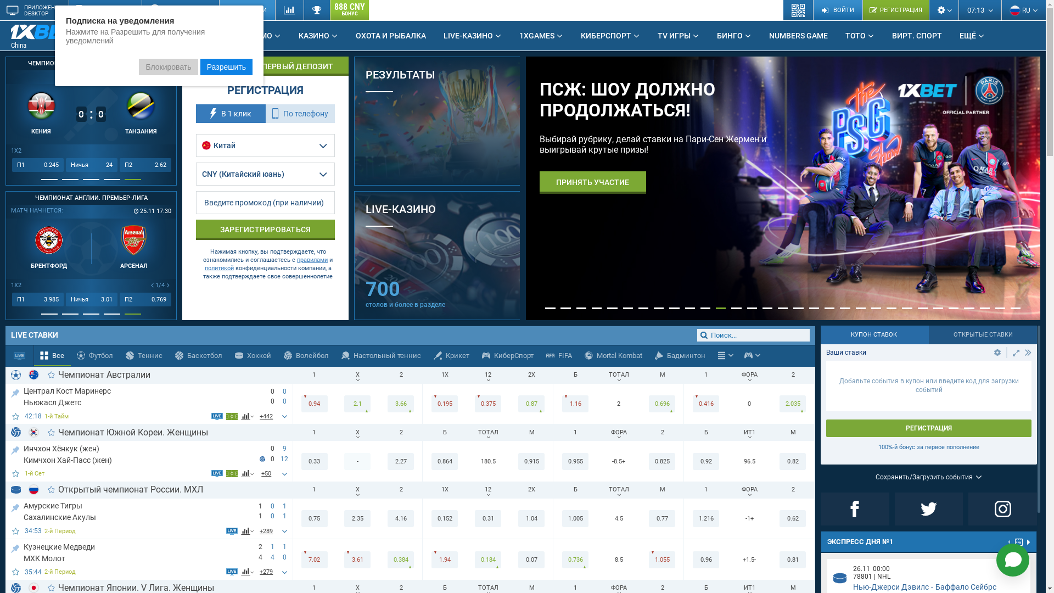 The image size is (1054, 593). Describe the element at coordinates (266, 416) in the screenshot. I see `'+438'` at that location.